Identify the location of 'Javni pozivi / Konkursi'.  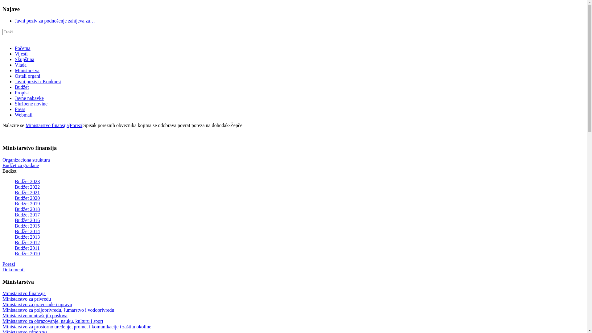
(38, 81).